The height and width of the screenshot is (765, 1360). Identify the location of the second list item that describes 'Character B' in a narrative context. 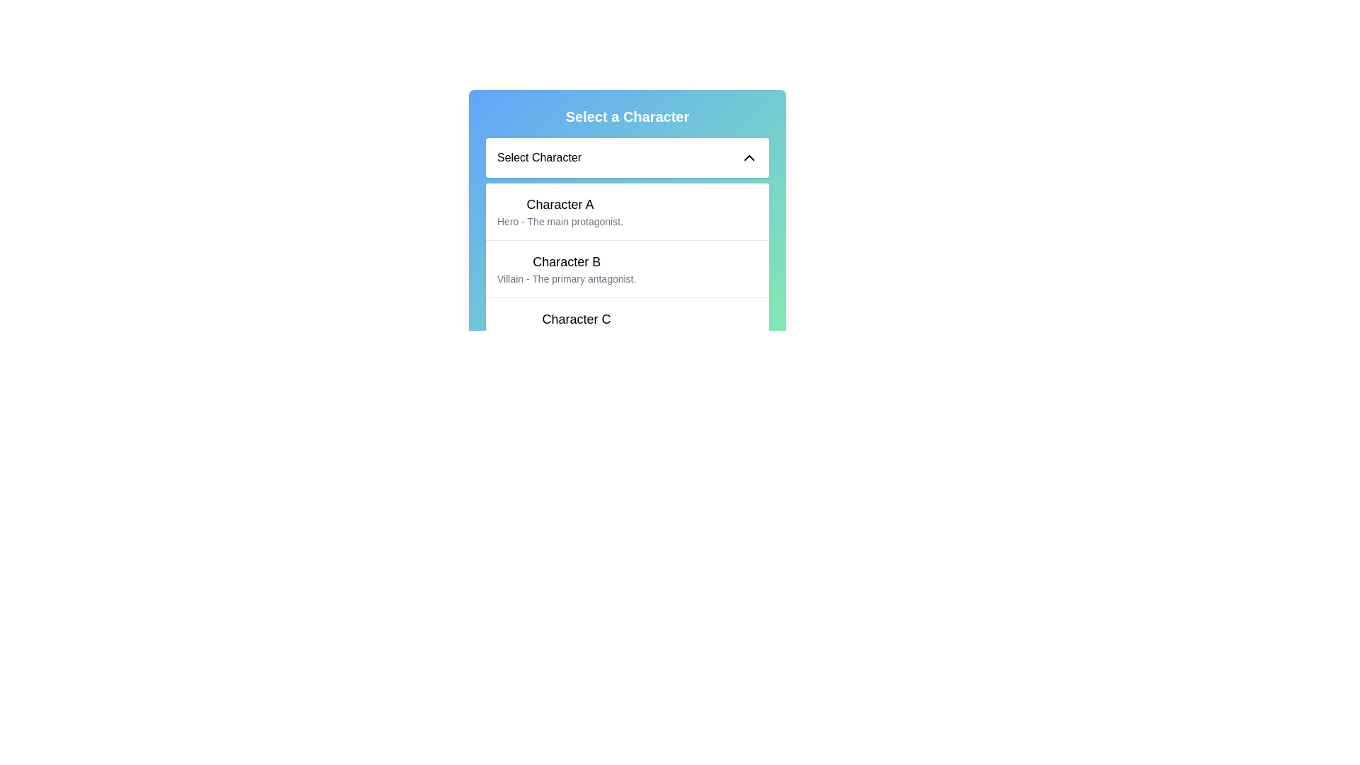
(627, 268).